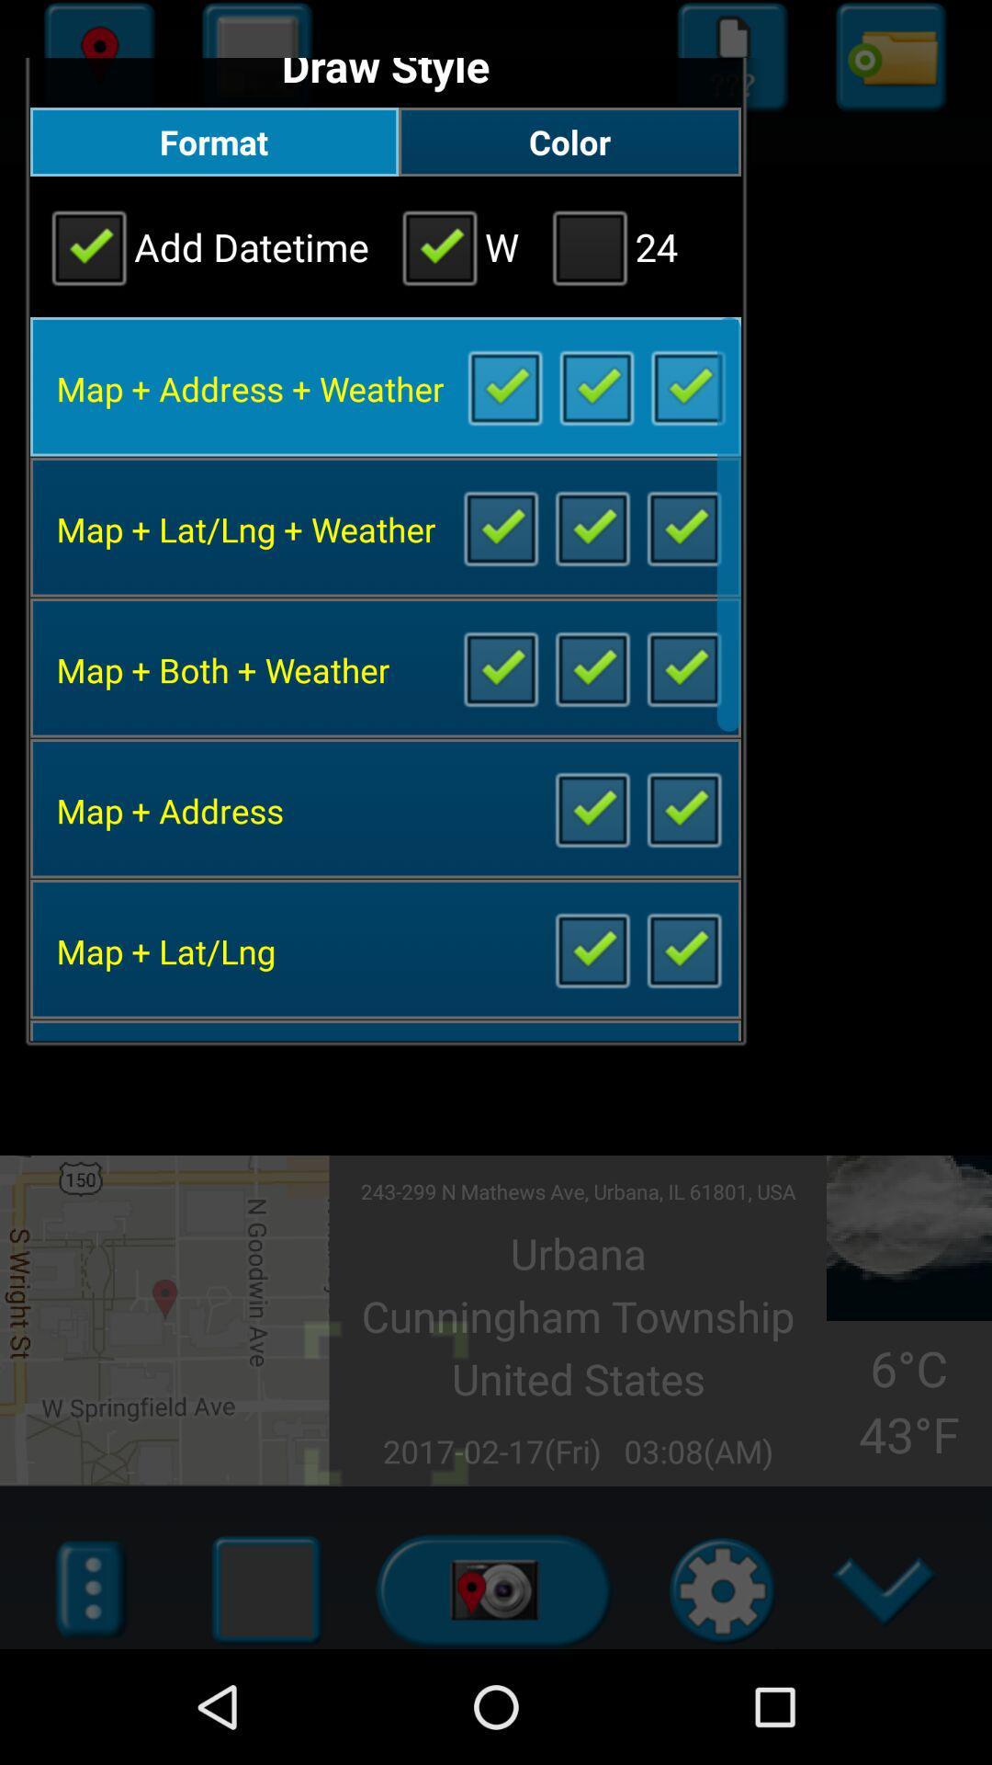  Describe the element at coordinates (683, 526) in the screenshot. I see `mark for activate` at that location.